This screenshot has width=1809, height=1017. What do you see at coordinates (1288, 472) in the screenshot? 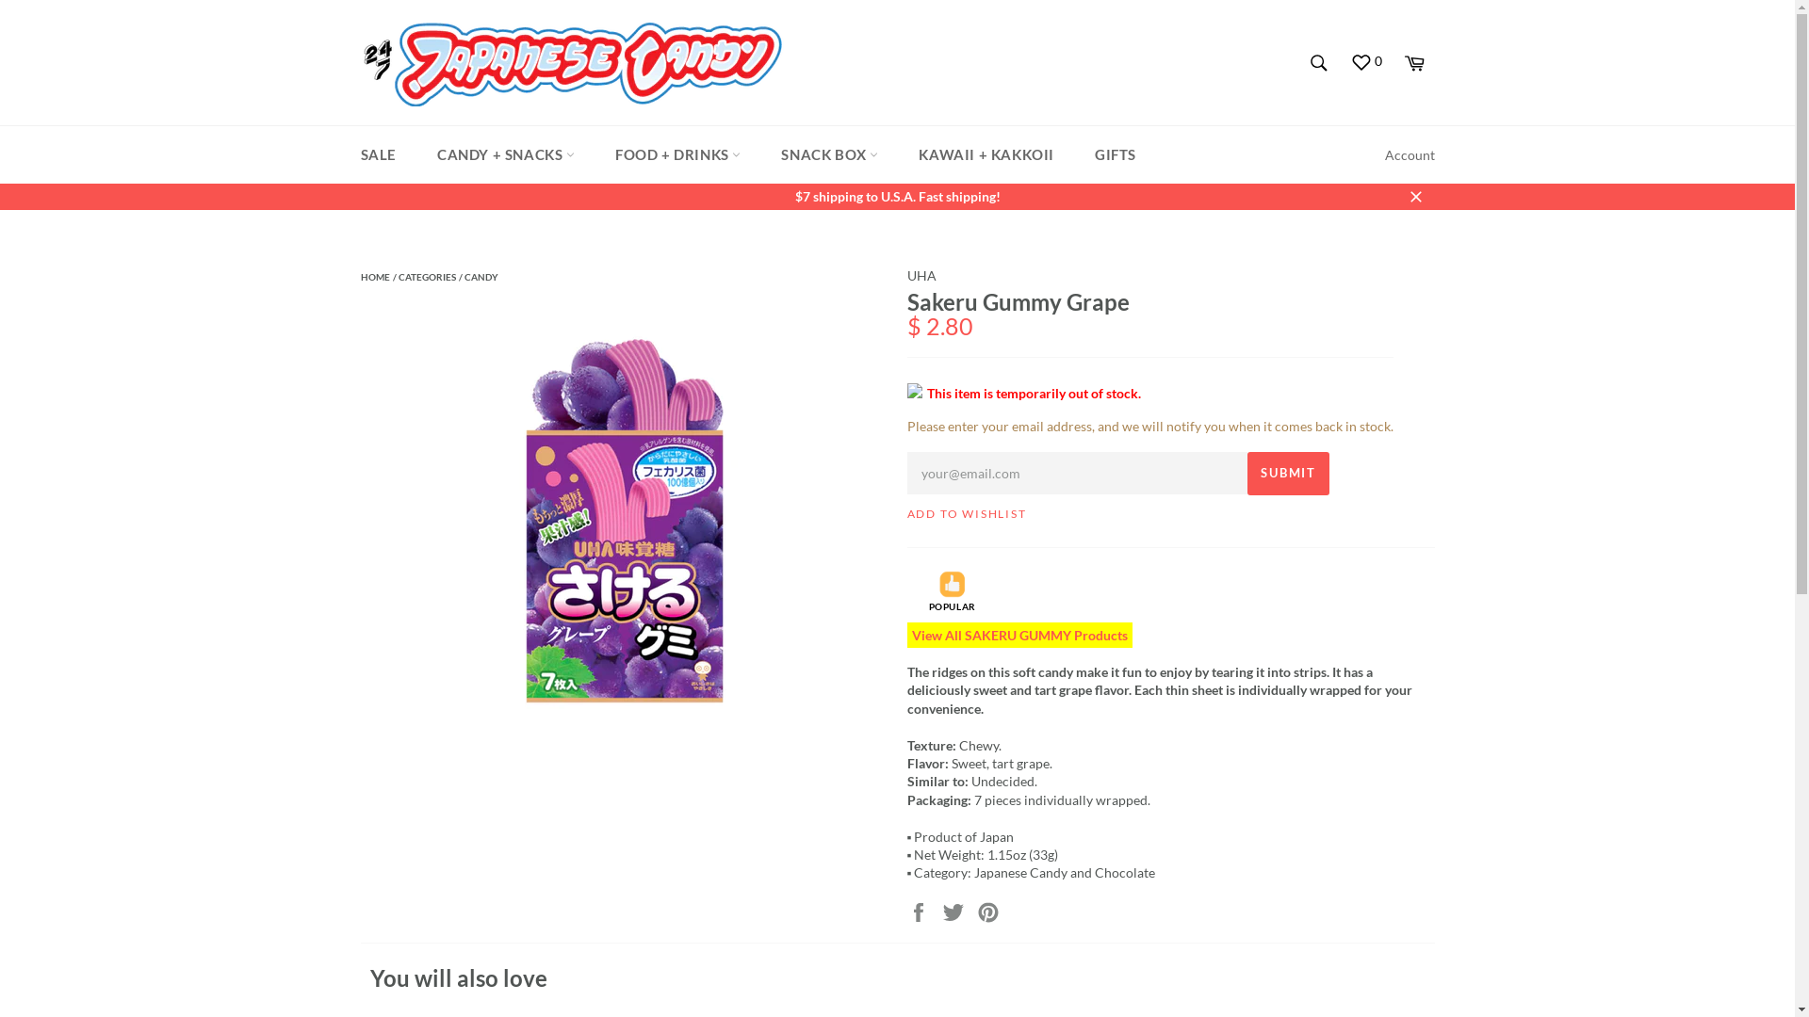
I see `'SUBMIT'` at bounding box center [1288, 472].